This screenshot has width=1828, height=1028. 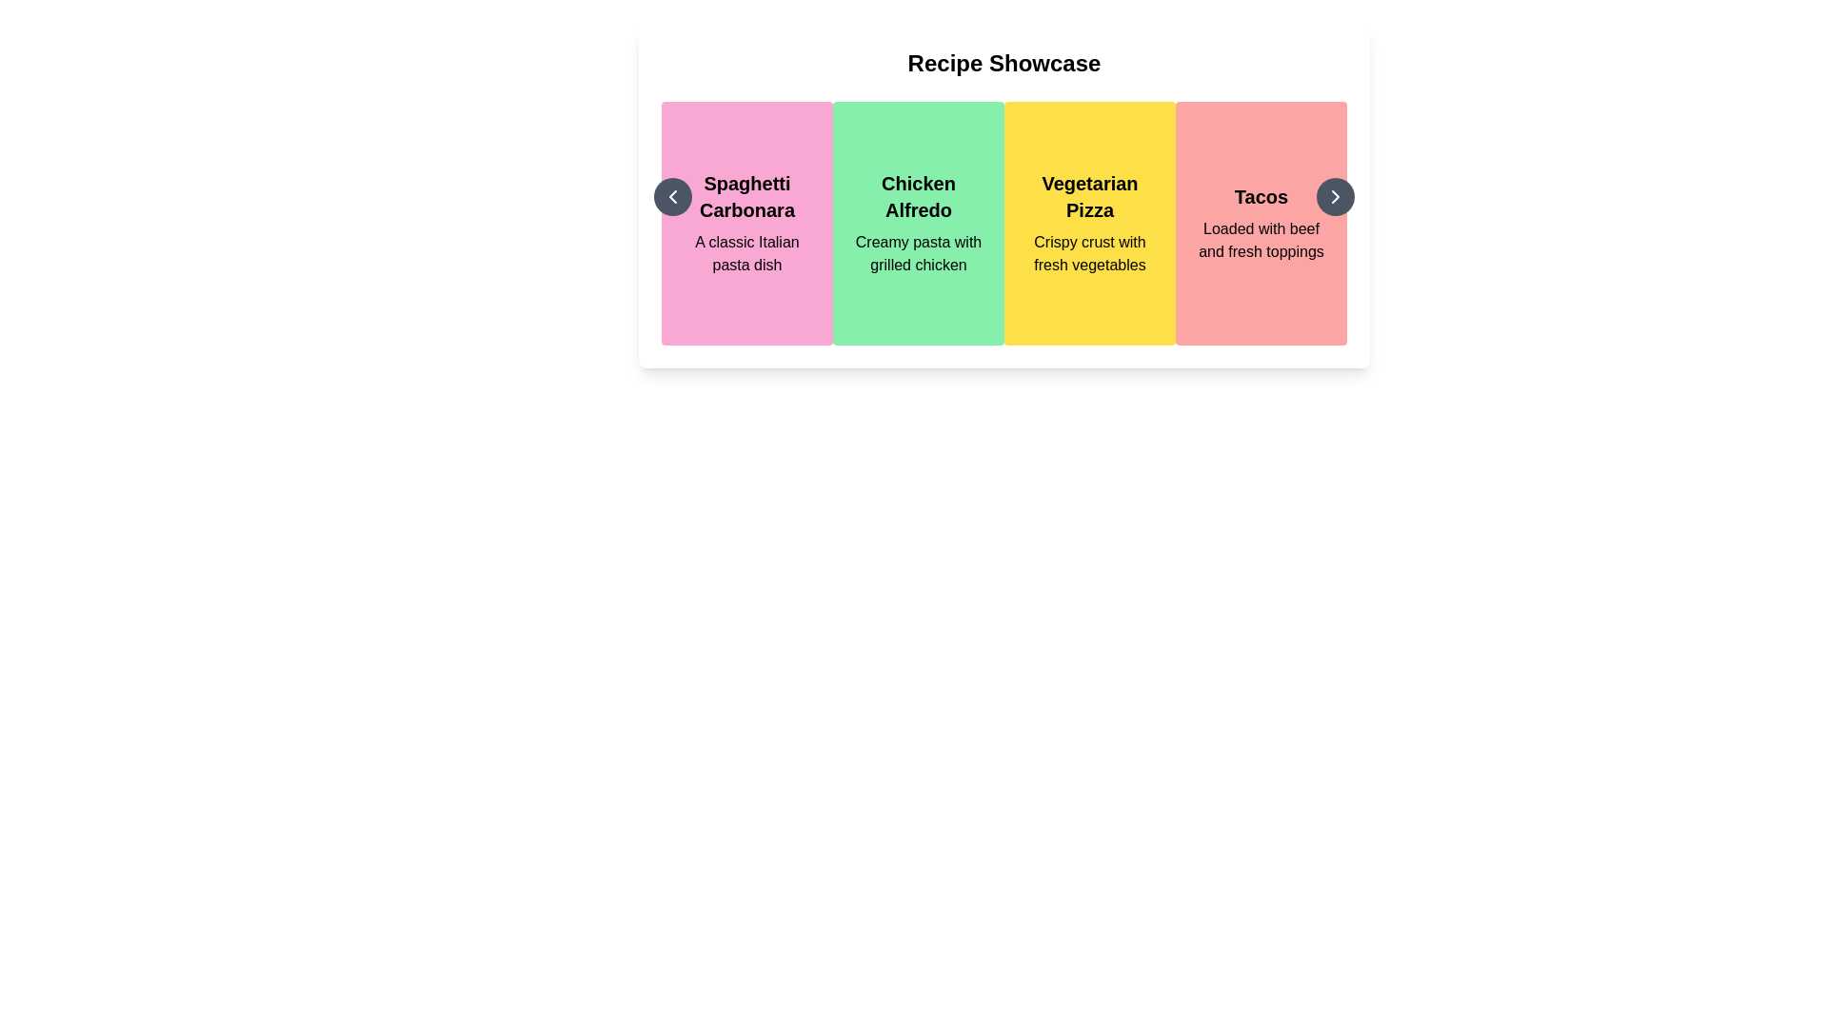 What do you see at coordinates (672, 197) in the screenshot?
I see `the leftward-facing chevron icon within the circular button that is part of the navigation control for scrolling through recipe titles` at bounding box center [672, 197].